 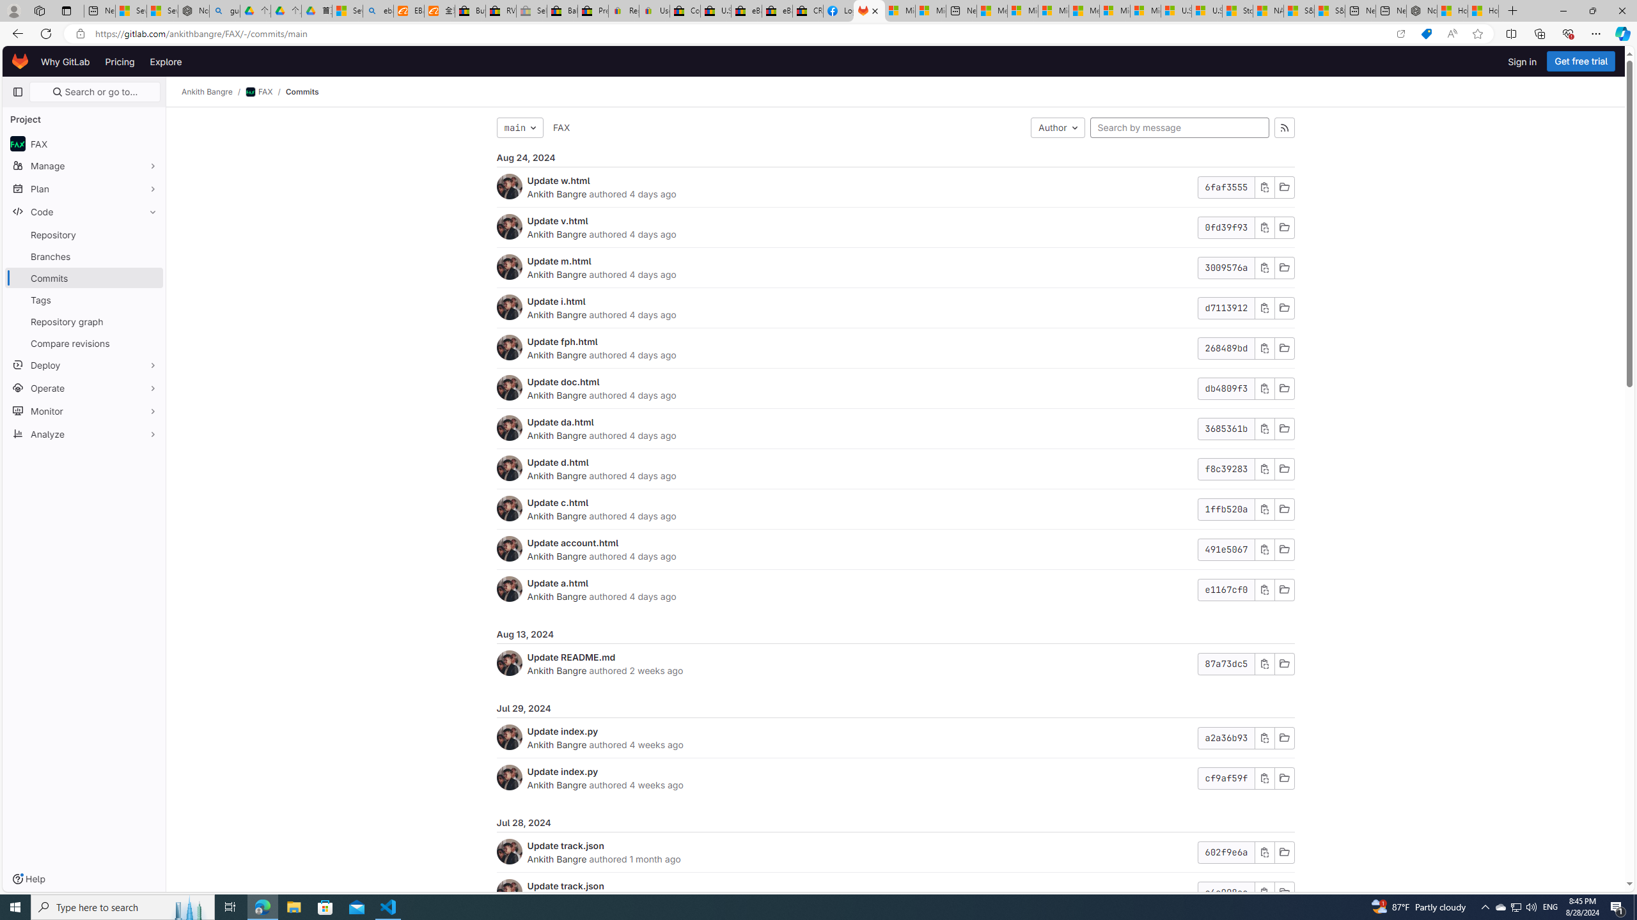 I want to click on 'eBay Inc. Reports Third Quarter 2023 Results', so click(x=777, y=10).